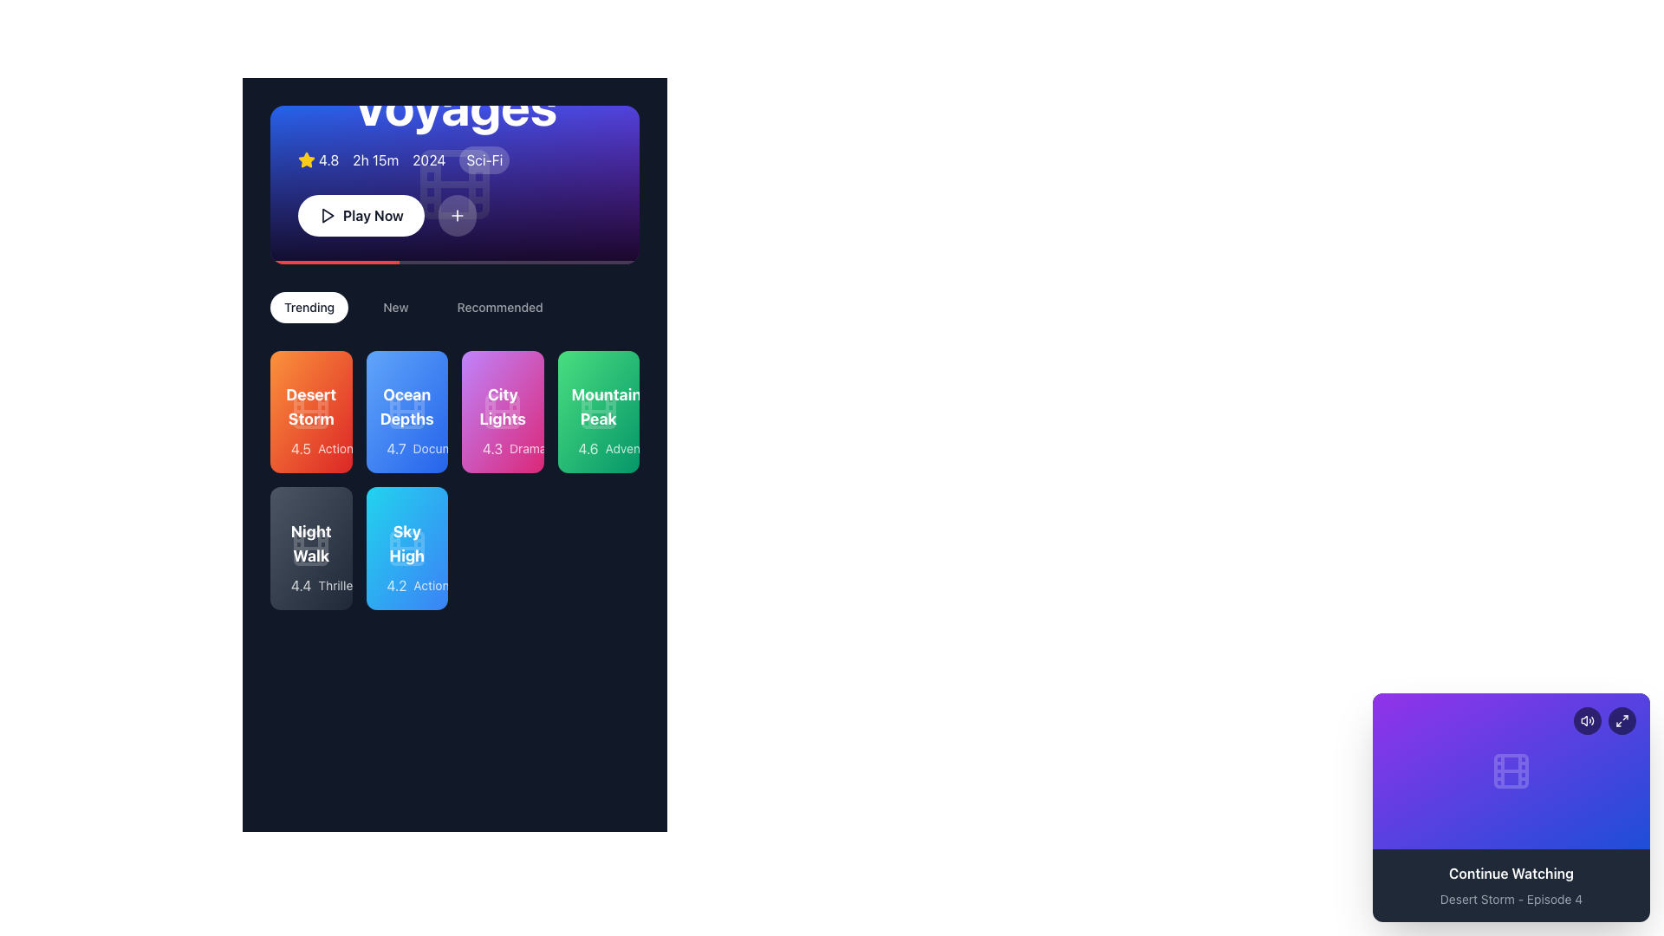 This screenshot has width=1664, height=936. I want to click on the Composite text element displaying the rating '4.6' and genre 'Adventure' with a yellow star icon, located beneath the title 'Mountain Peak' in the green card, so click(598, 448).